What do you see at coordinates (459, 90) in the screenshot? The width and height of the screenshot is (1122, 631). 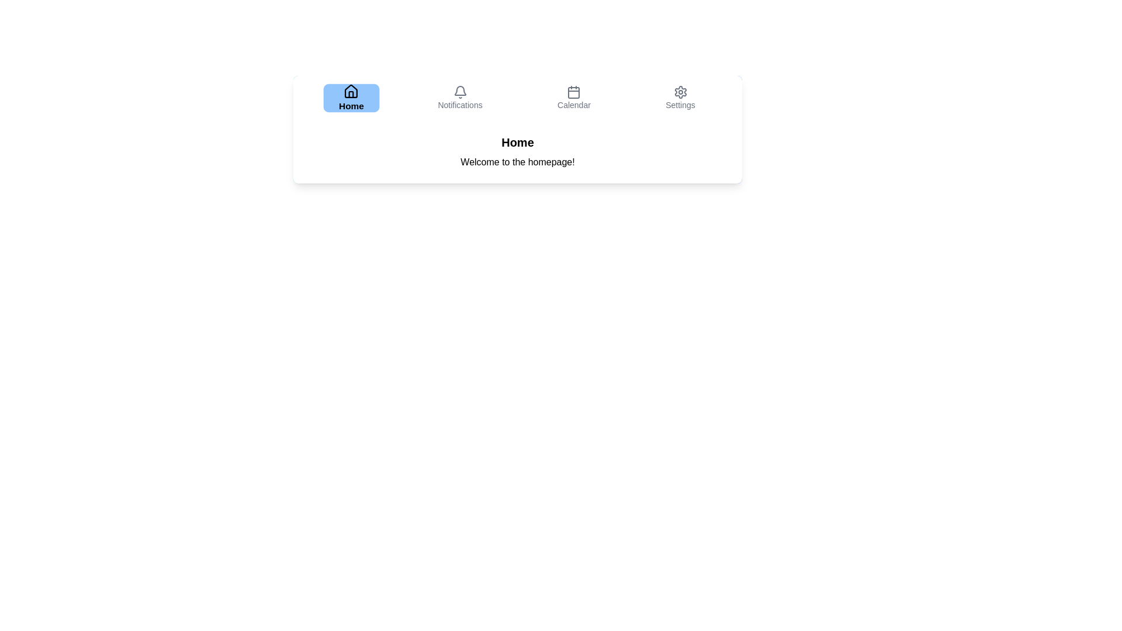 I see `the notification bell icon` at bounding box center [459, 90].